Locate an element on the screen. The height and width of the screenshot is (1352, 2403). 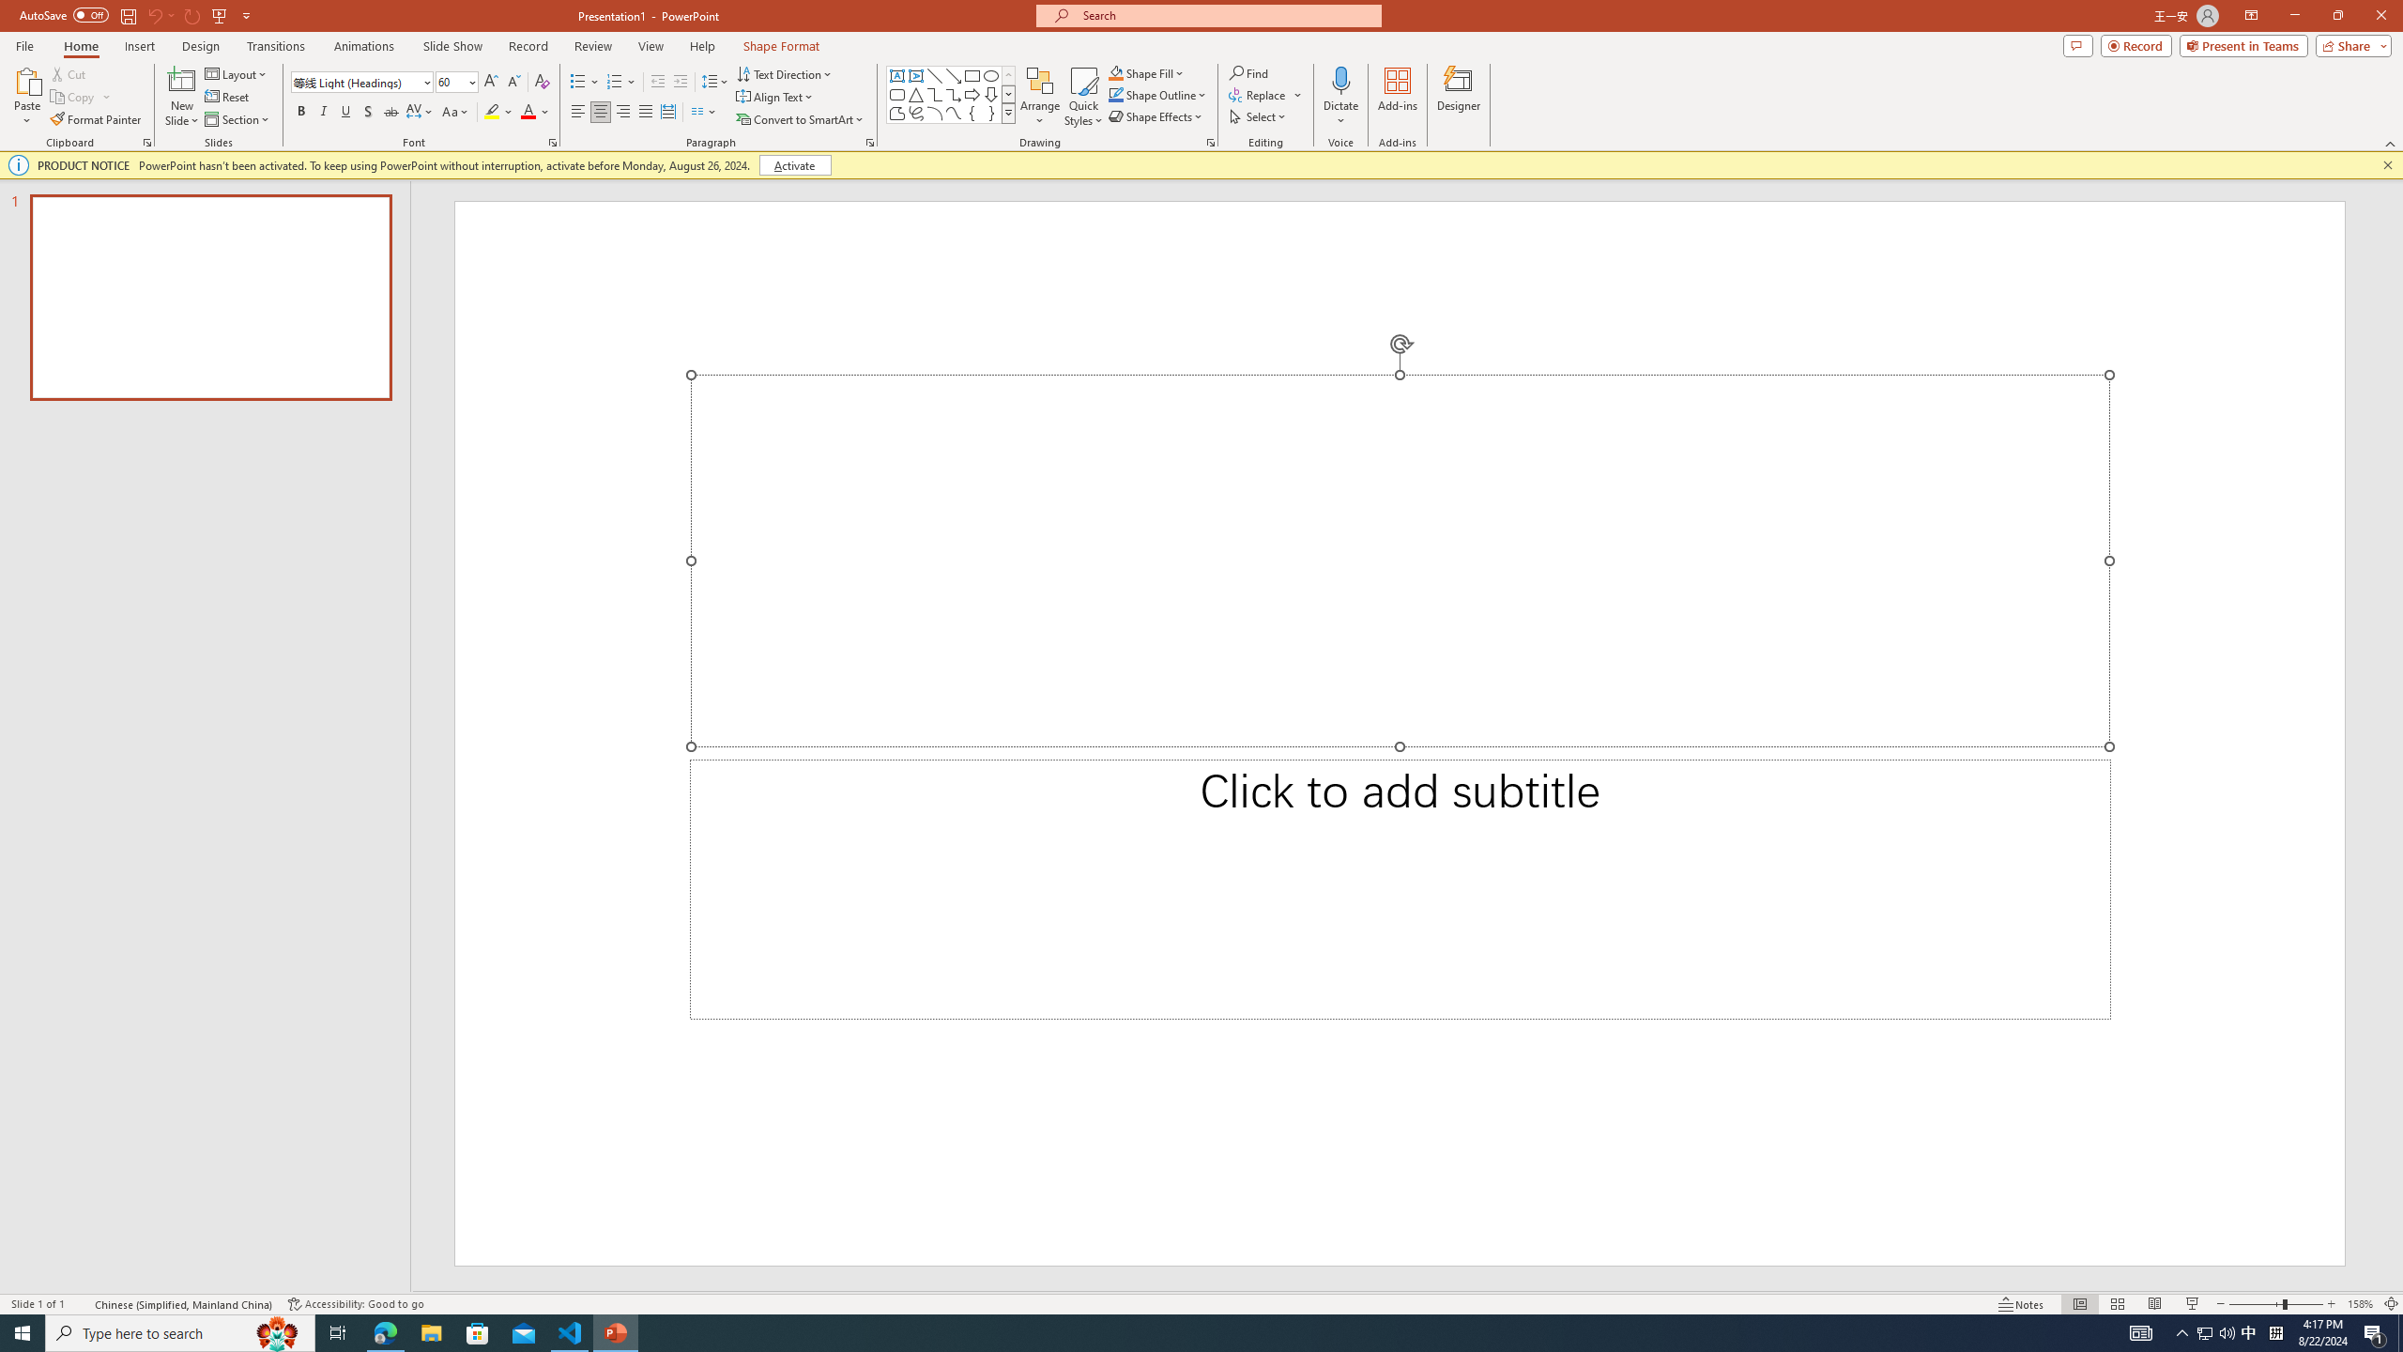
'Designer' is located at coordinates (1458, 97).